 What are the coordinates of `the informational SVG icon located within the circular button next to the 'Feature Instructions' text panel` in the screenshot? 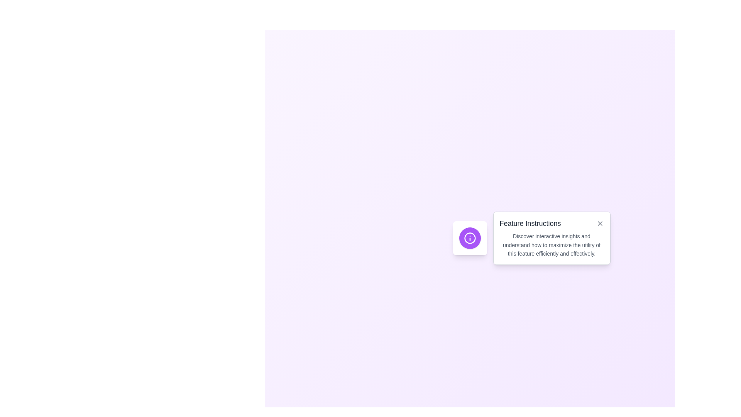 It's located at (469, 238).